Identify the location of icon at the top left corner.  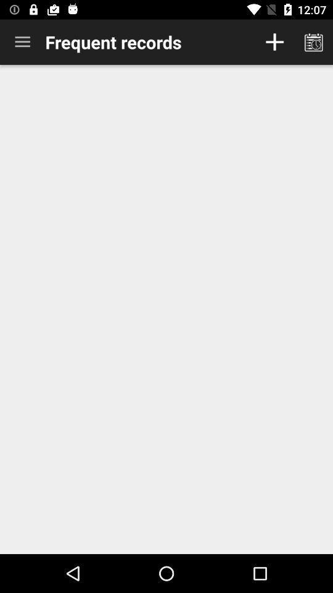
(22, 42).